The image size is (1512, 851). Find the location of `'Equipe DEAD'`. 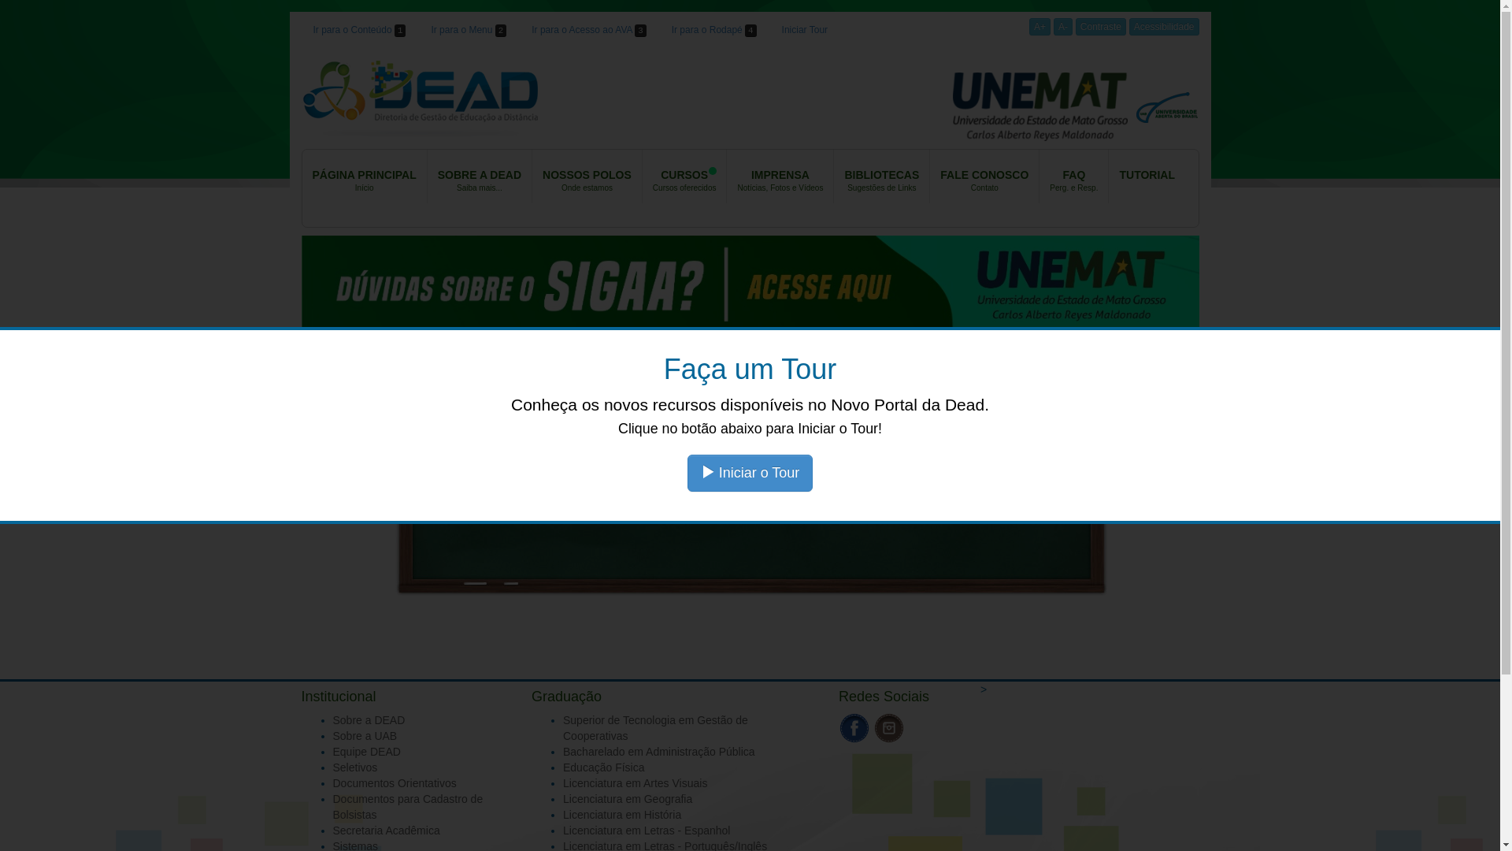

'Equipe DEAD' is located at coordinates (332, 750).